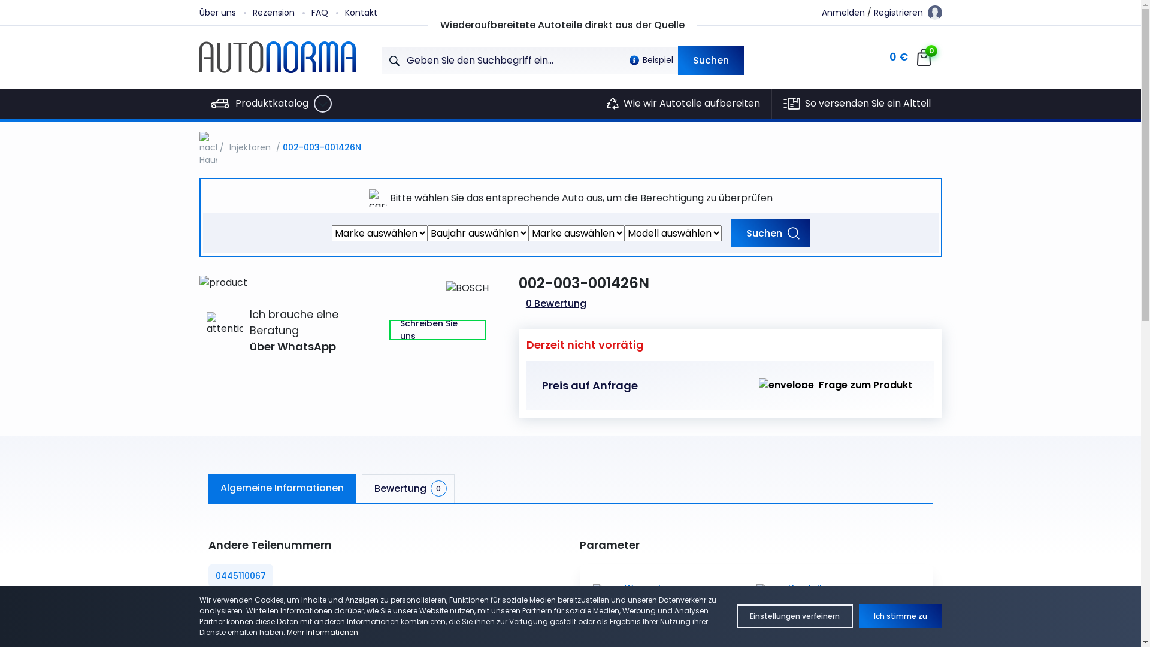 The image size is (1150, 647). What do you see at coordinates (647, 60) in the screenshot?
I see `'Beispiel'` at bounding box center [647, 60].